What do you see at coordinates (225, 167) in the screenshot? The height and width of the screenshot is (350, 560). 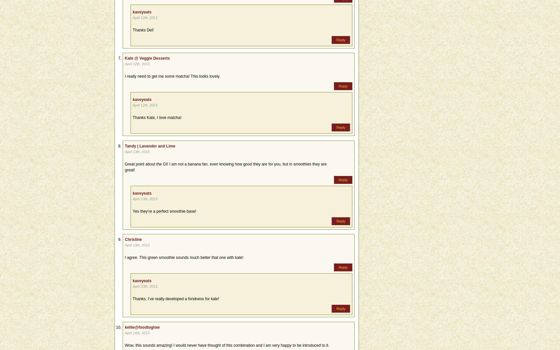 I see `'Great point about the GI! I am not a banana fan, even knowing how good they are for you, but in smoothies they are great!'` at bounding box center [225, 167].